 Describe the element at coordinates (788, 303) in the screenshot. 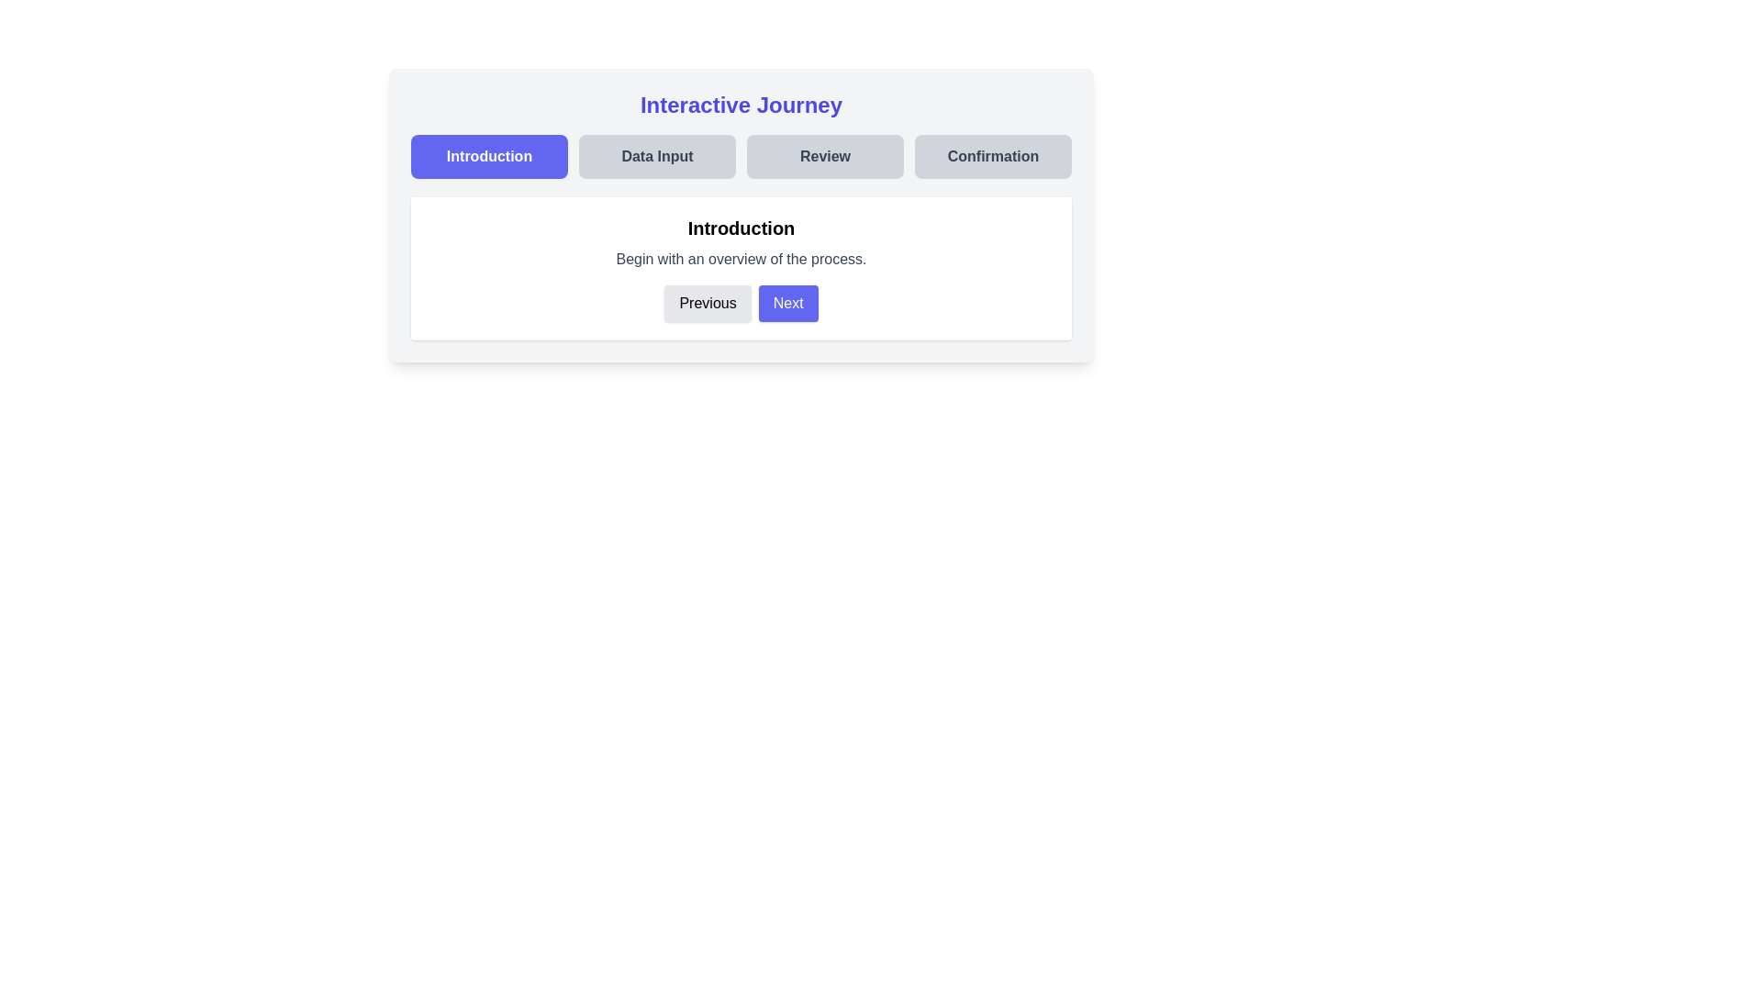

I see `the Next button to navigate between steps` at that location.